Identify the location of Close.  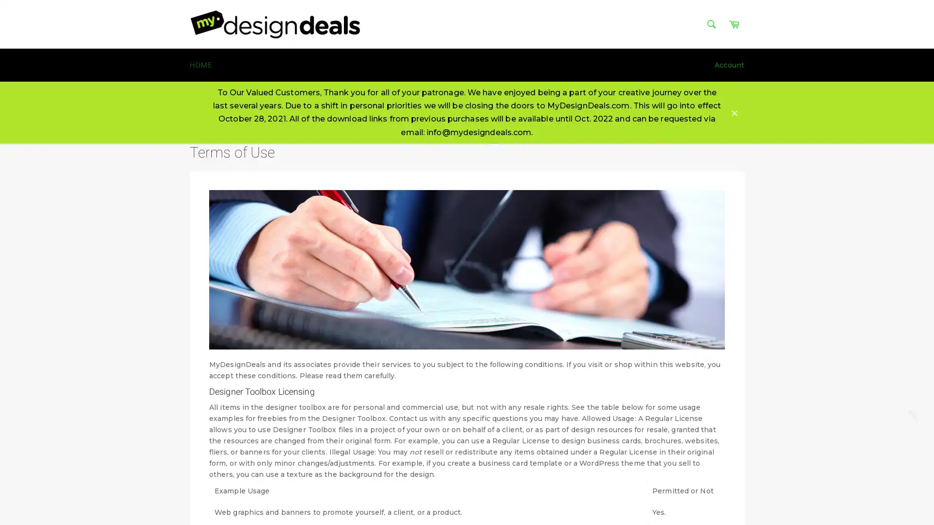
(735, 112).